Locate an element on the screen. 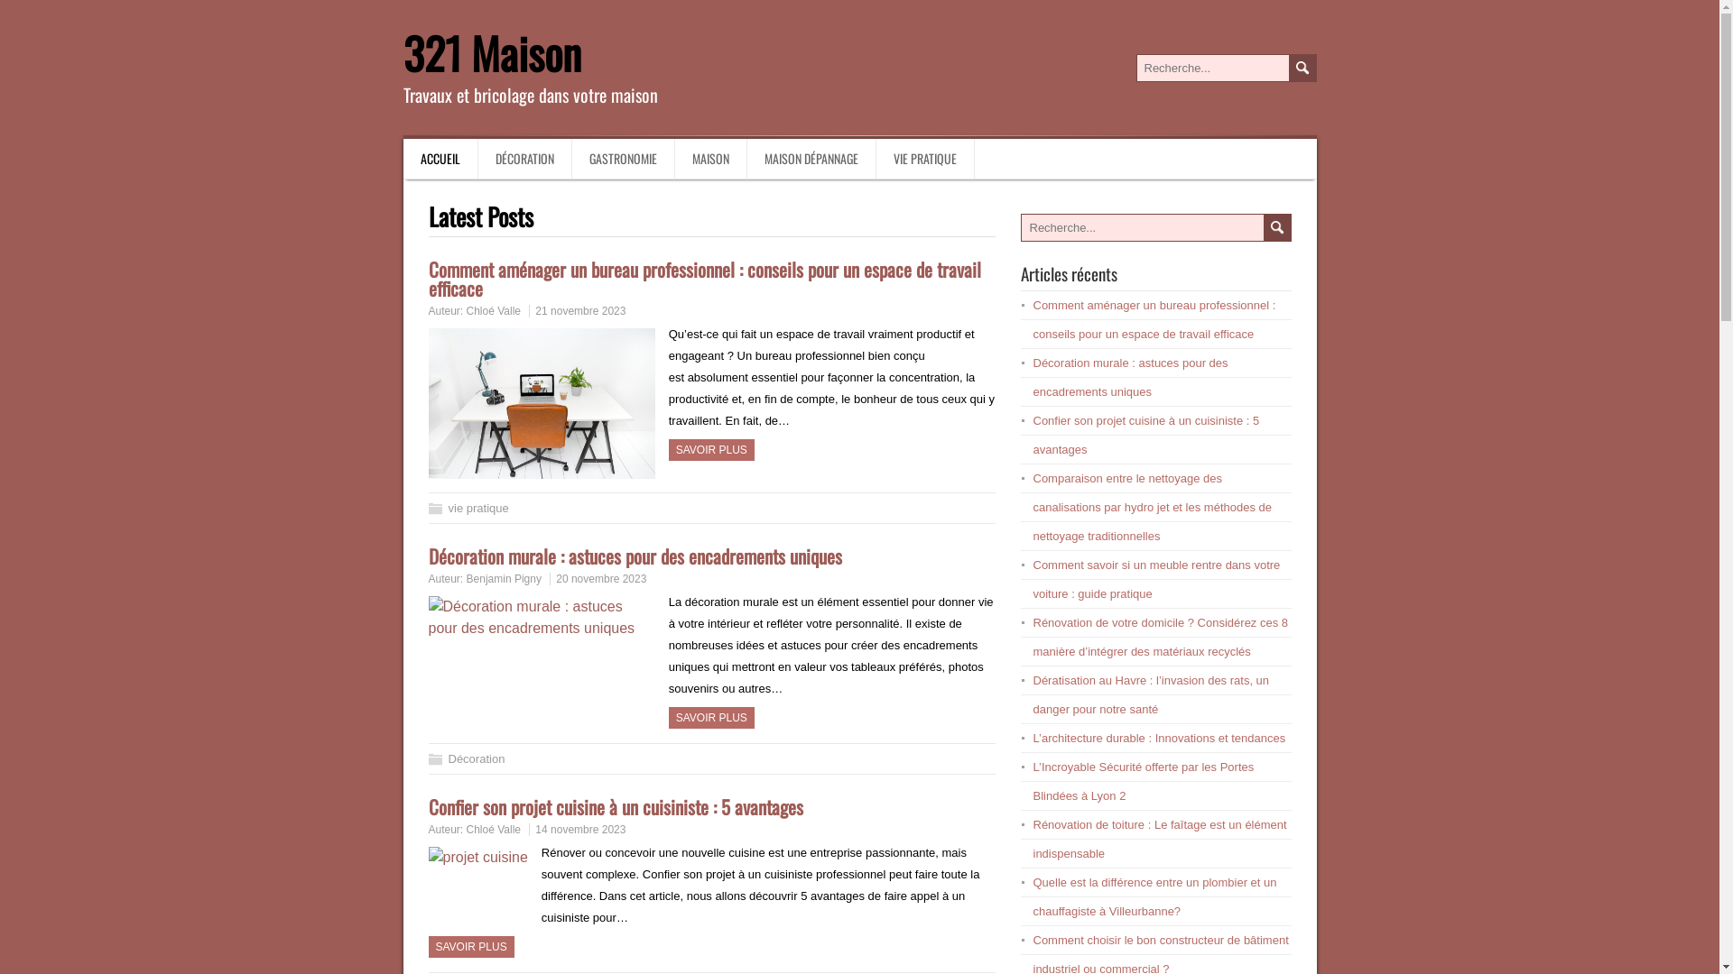 This screenshot has width=1733, height=974. 'Benjamin Pigny' is located at coordinates (504, 578).